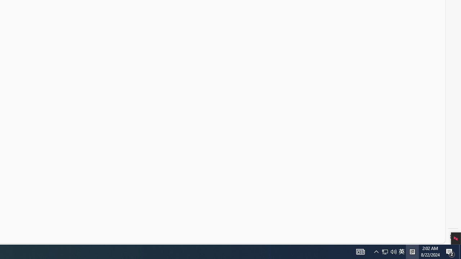 This screenshot has width=461, height=259. Describe the element at coordinates (450, 251) in the screenshot. I see `'Action Center, 2 new notifications'` at that location.